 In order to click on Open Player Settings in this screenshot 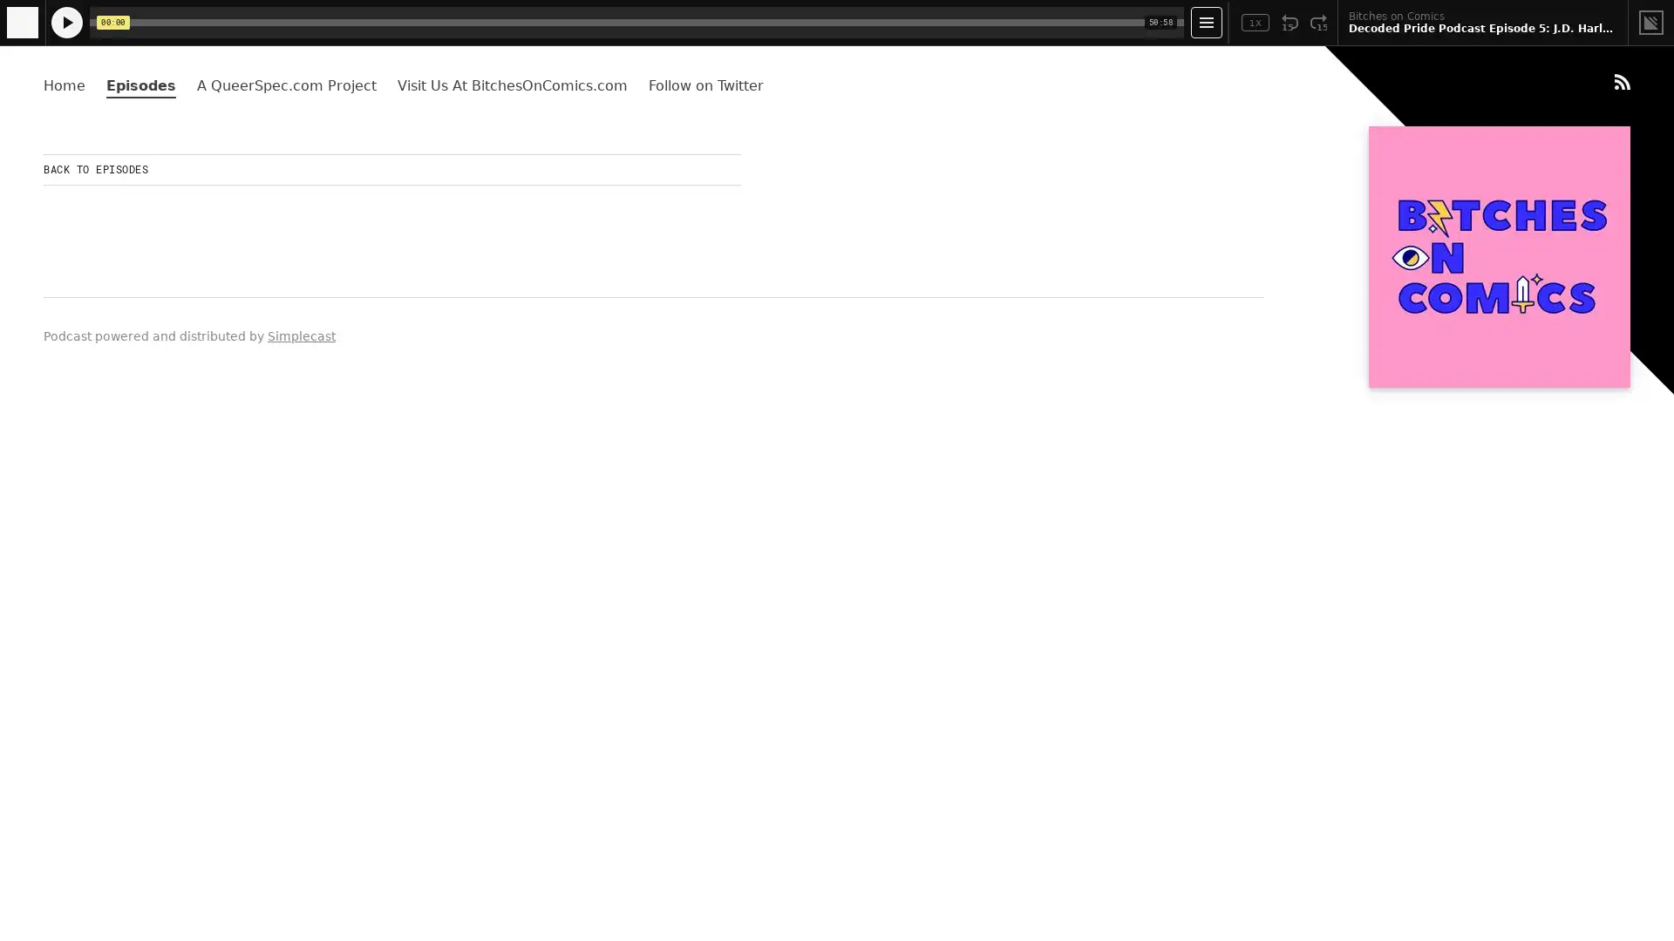, I will do `click(1205, 23)`.